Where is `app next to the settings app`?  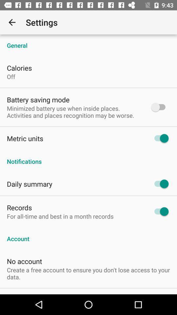
app next to the settings app is located at coordinates (12, 22).